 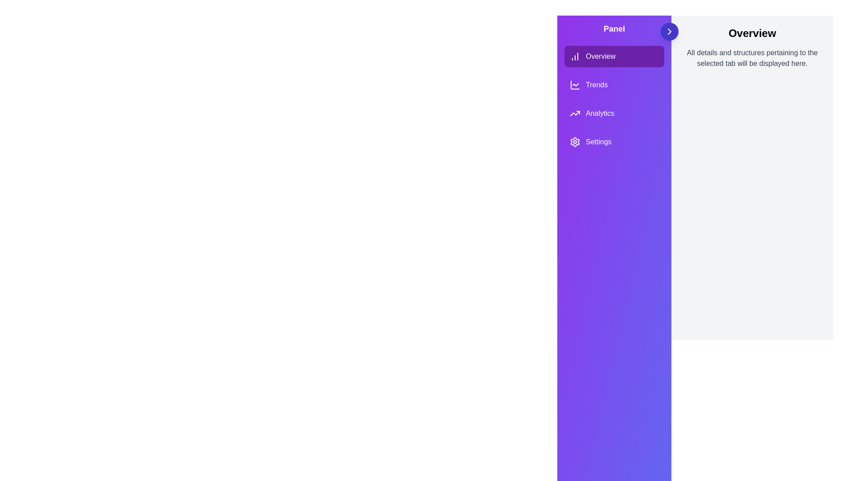 What do you see at coordinates (613, 142) in the screenshot?
I see `the menu item labeled Settings to see its hover effect` at bounding box center [613, 142].